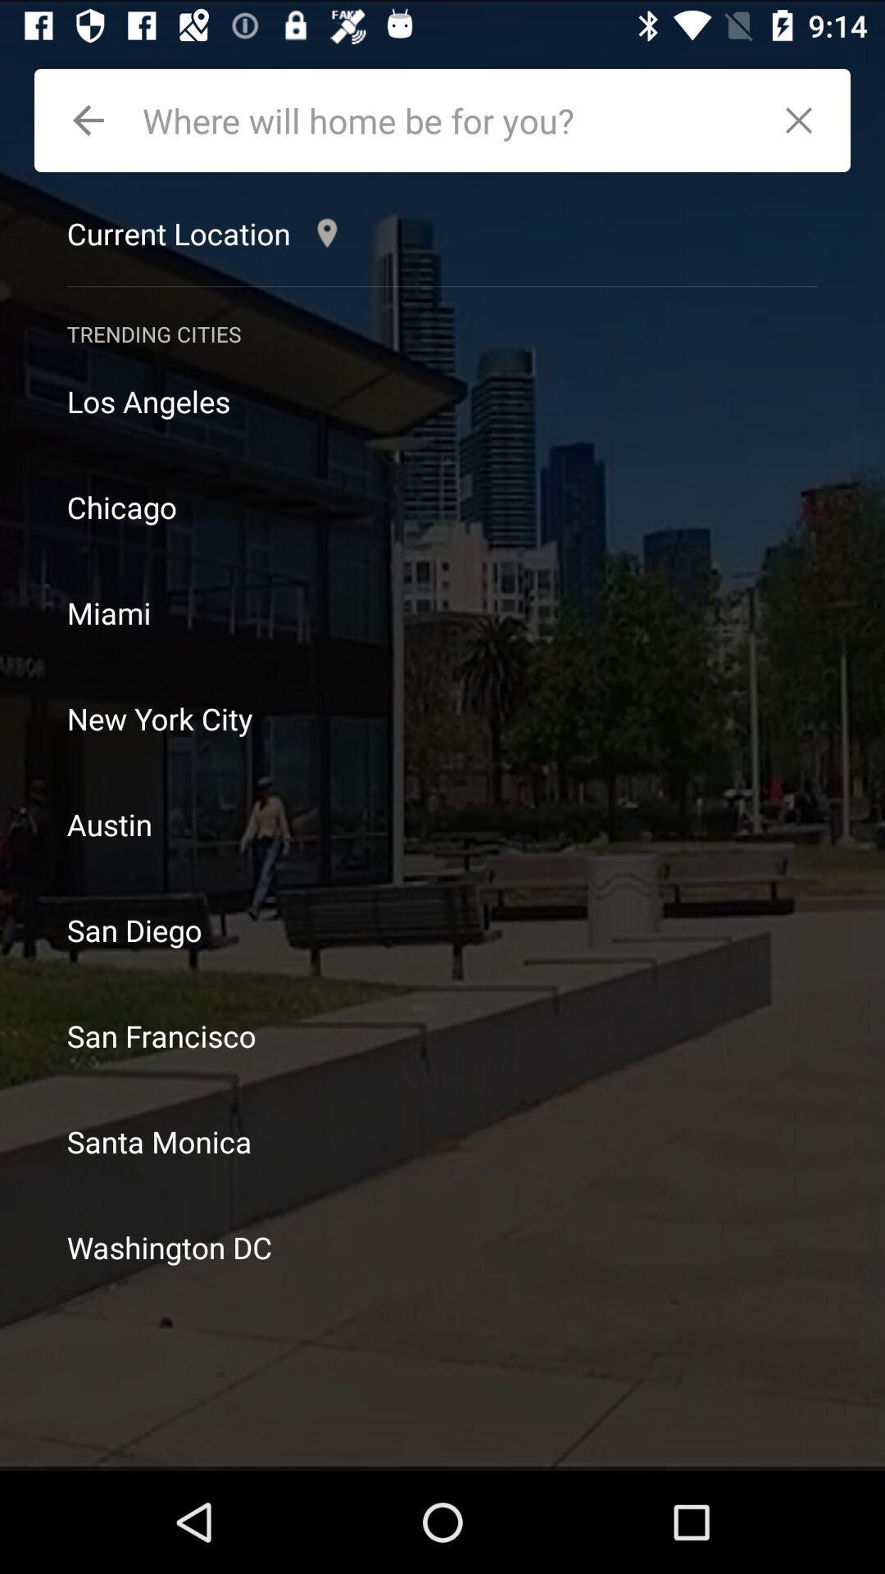 The image size is (885, 1574). What do you see at coordinates (442, 401) in the screenshot?
I see `los angeles` at bounding box center [442, 401].